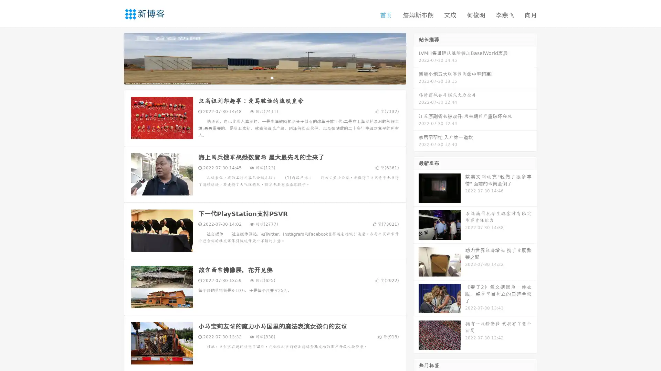 The height and width of the screenshot is (371, 661). What do you see at coordinates (416, 58) in the screenshot?
I see `Next slide` at bounding box center [416, 58].